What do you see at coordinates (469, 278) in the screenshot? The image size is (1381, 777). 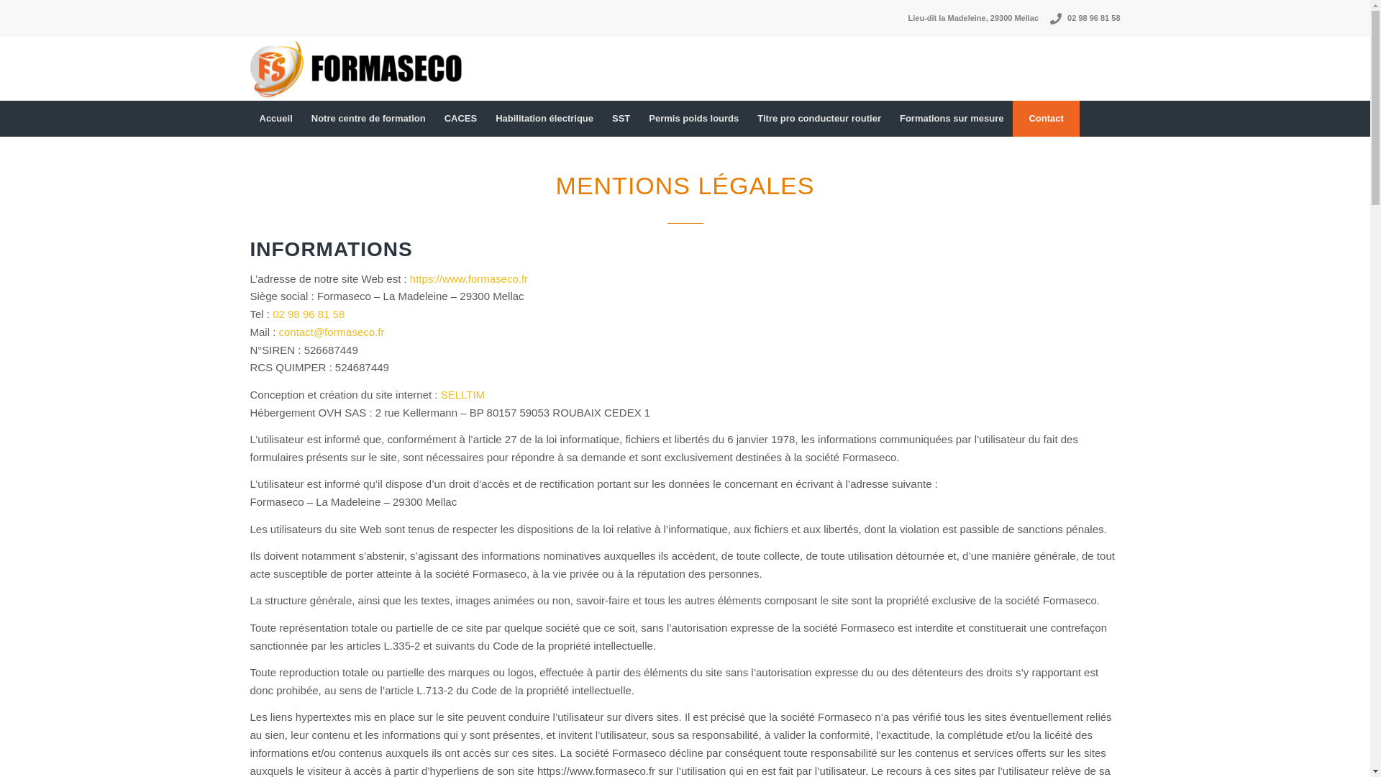 I see `'https://www.formaseco.fr'` at bounding box center [469, 278].